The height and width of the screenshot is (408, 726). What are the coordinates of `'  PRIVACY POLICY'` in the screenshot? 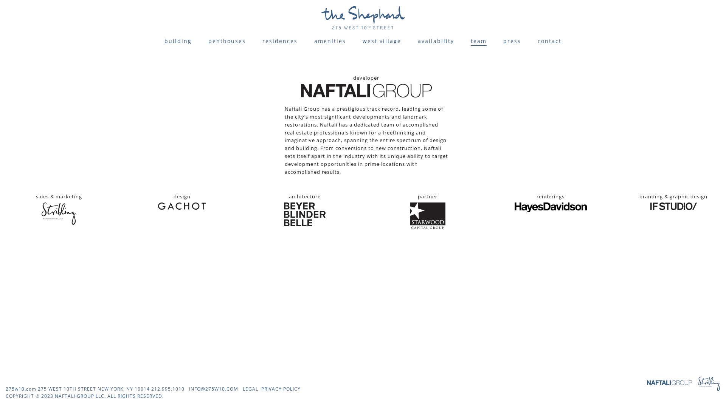 It's located at (279, 389).